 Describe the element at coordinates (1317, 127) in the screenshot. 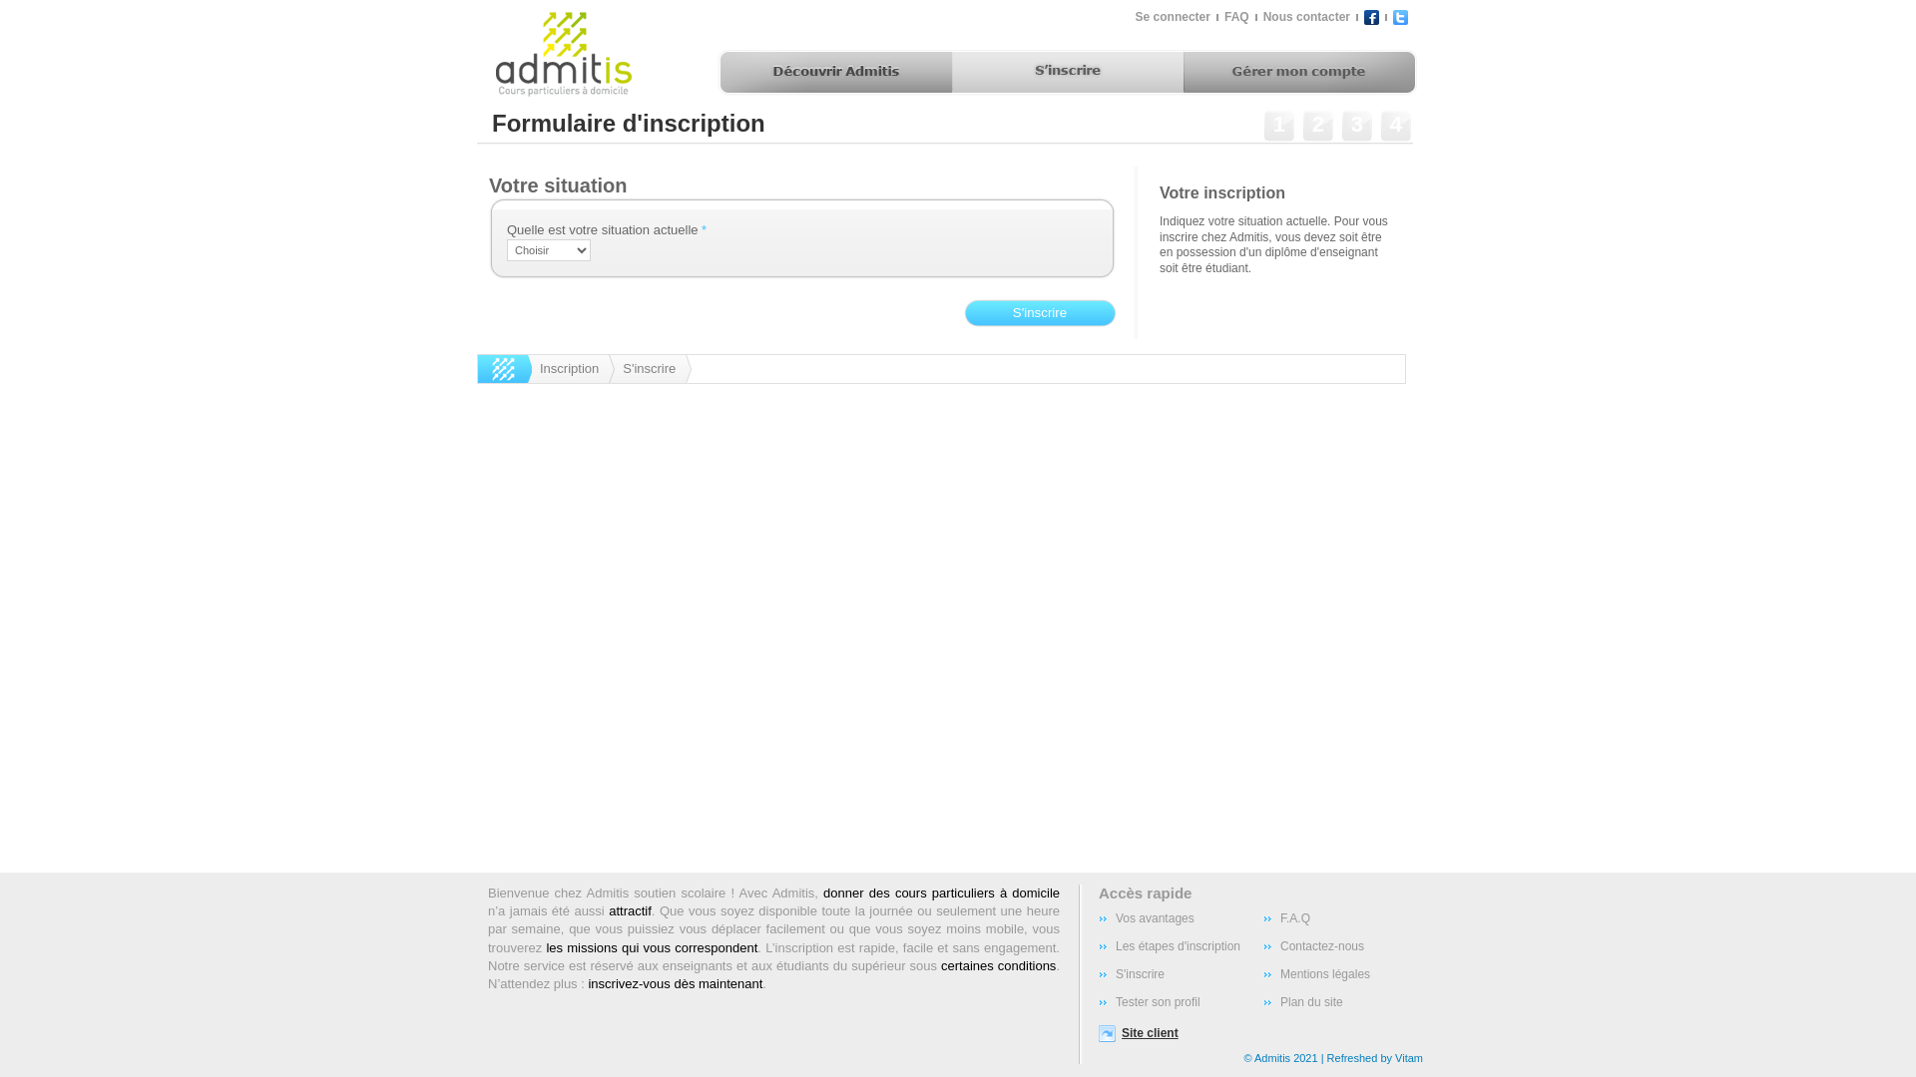

I see `'2'` at that location.